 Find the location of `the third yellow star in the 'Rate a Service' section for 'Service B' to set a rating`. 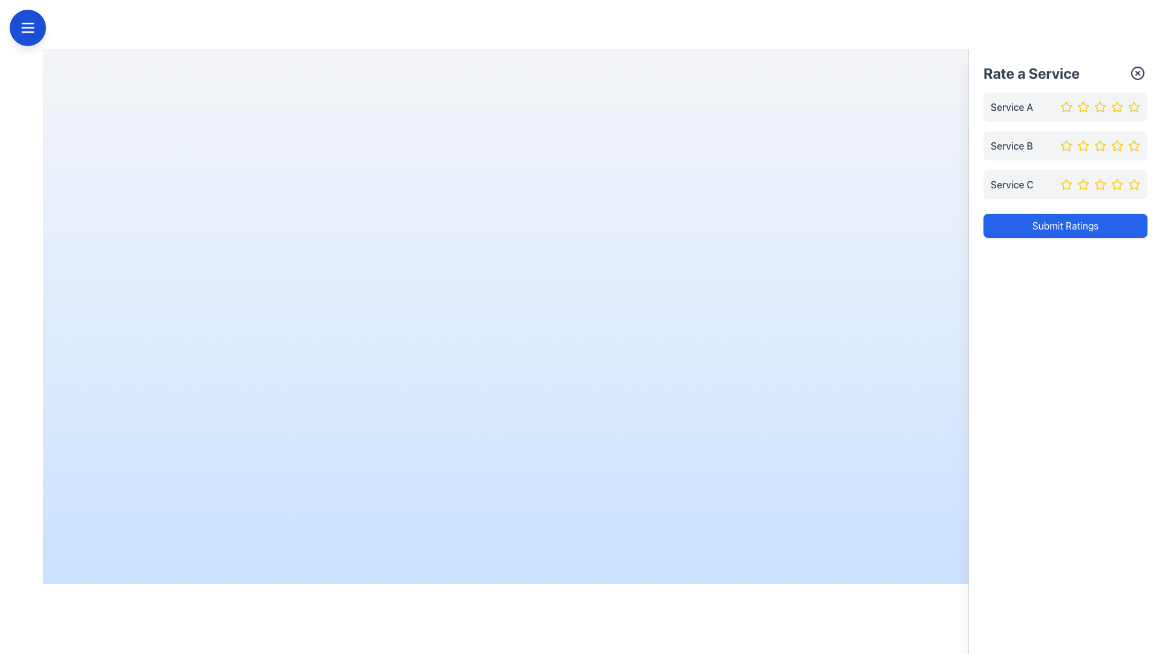

the third yellow star in the 'Rate a Service' section for 'Service B' to set a rating is located at coordinates (1100, 145).